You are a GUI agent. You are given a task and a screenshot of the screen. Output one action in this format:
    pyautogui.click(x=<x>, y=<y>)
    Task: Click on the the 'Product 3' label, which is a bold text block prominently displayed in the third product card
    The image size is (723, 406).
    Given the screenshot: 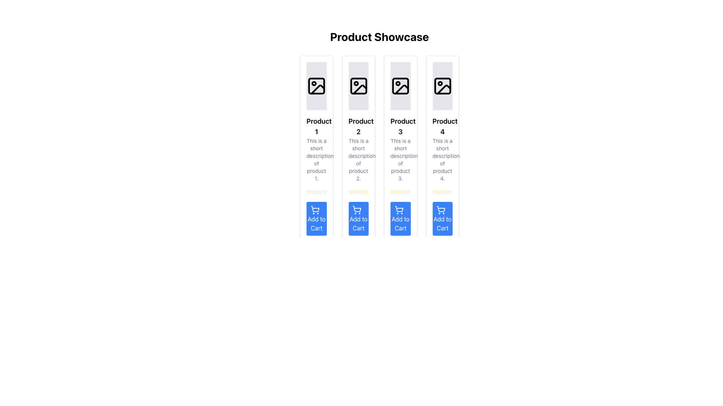 What is the action you would take?
    pyautogui.click(x=400, y=126)
    